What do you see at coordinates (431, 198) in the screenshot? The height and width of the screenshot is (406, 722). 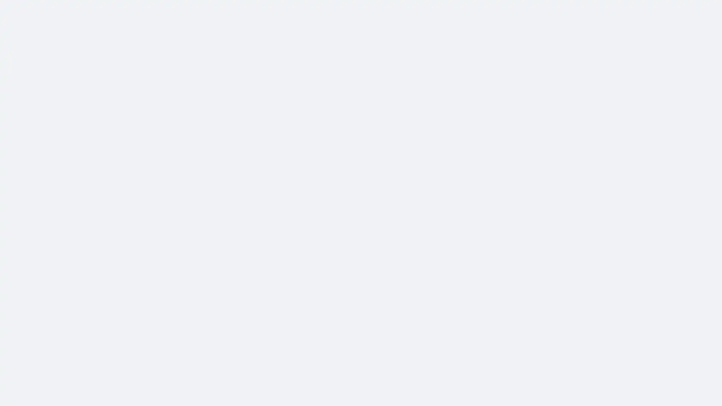 I see `Comment` at bounding box center [431, 198].